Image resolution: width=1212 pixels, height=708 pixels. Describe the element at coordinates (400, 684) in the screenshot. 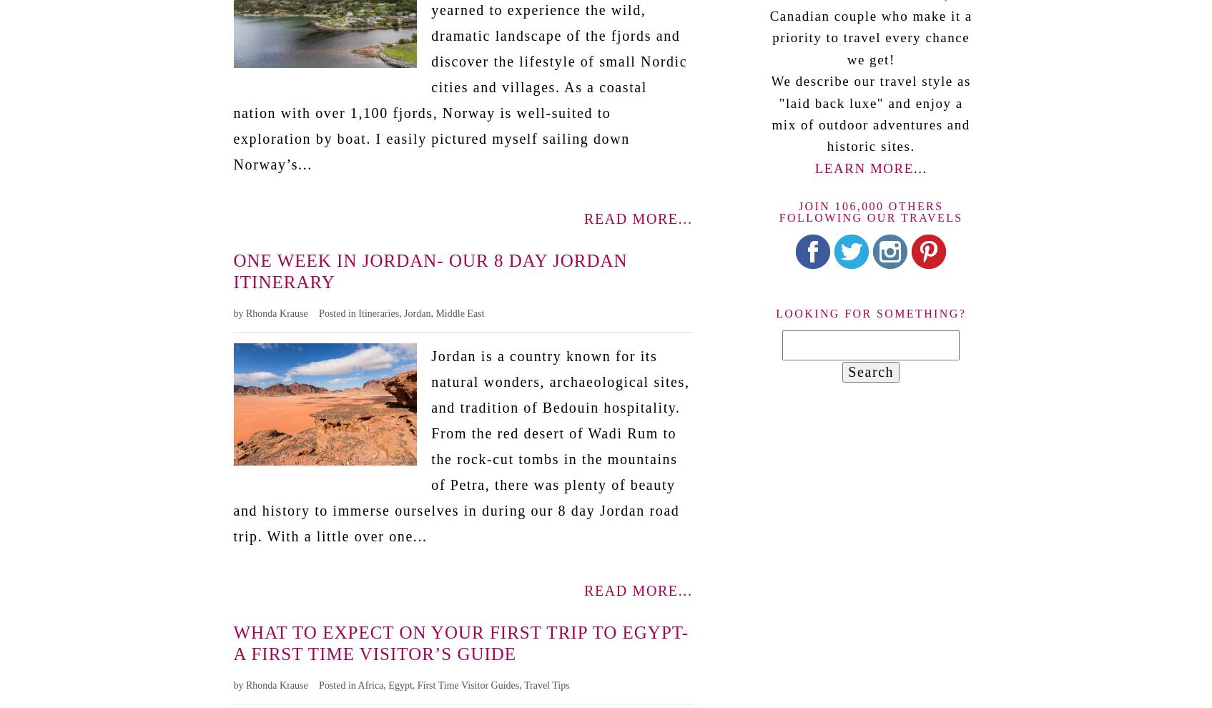

I see `'Egypt'` at that location.